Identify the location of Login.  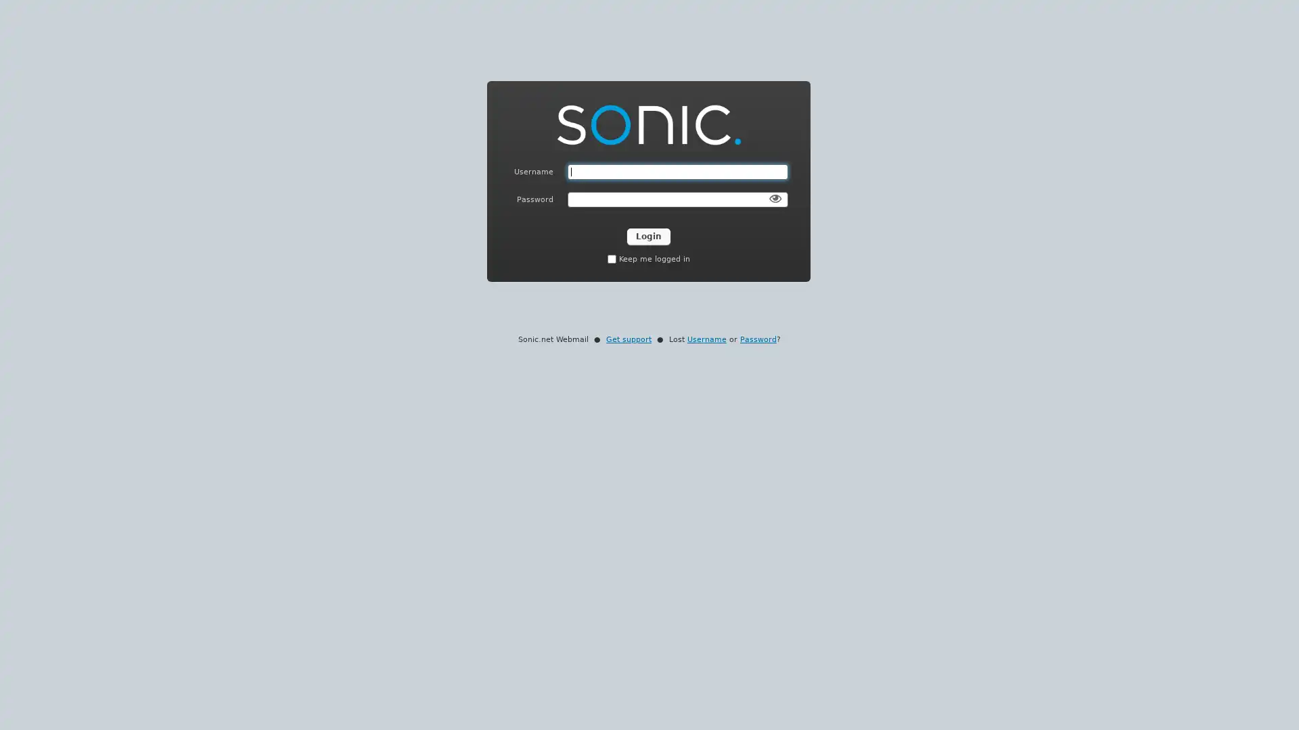
(648, 236).